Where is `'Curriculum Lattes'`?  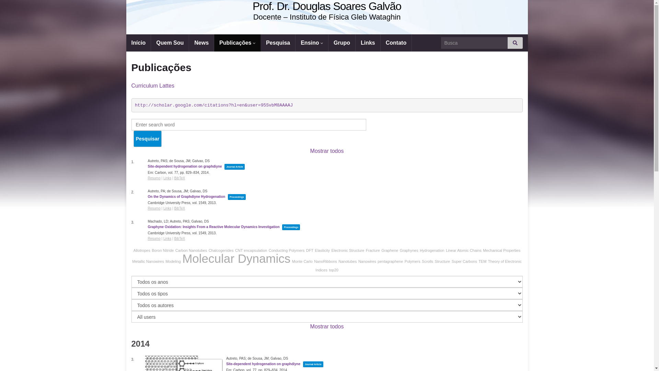
'Curriculum Lattes' is located at coordinates (131, 85).